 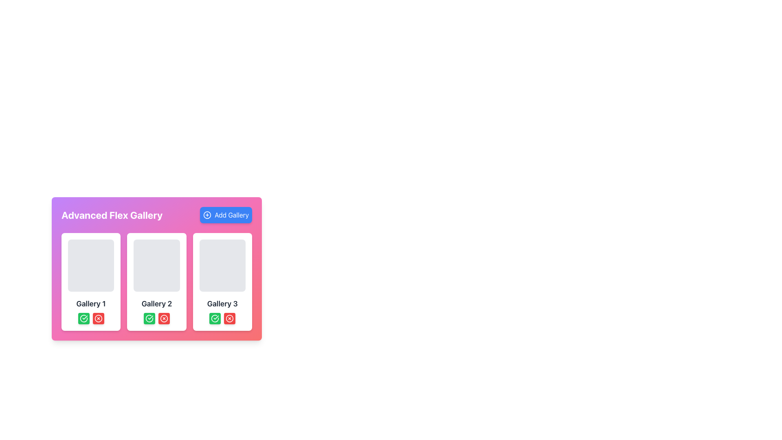 What do you see at coordinates (207, 215) in the screenshot?
I see `the circular icon button with a '+' symbol inside, which is styled with a blue background and white border, located on the right side of the 'Add Gallery' button in the top-right corner of the gallery interface` at bounding box center [207, 215].